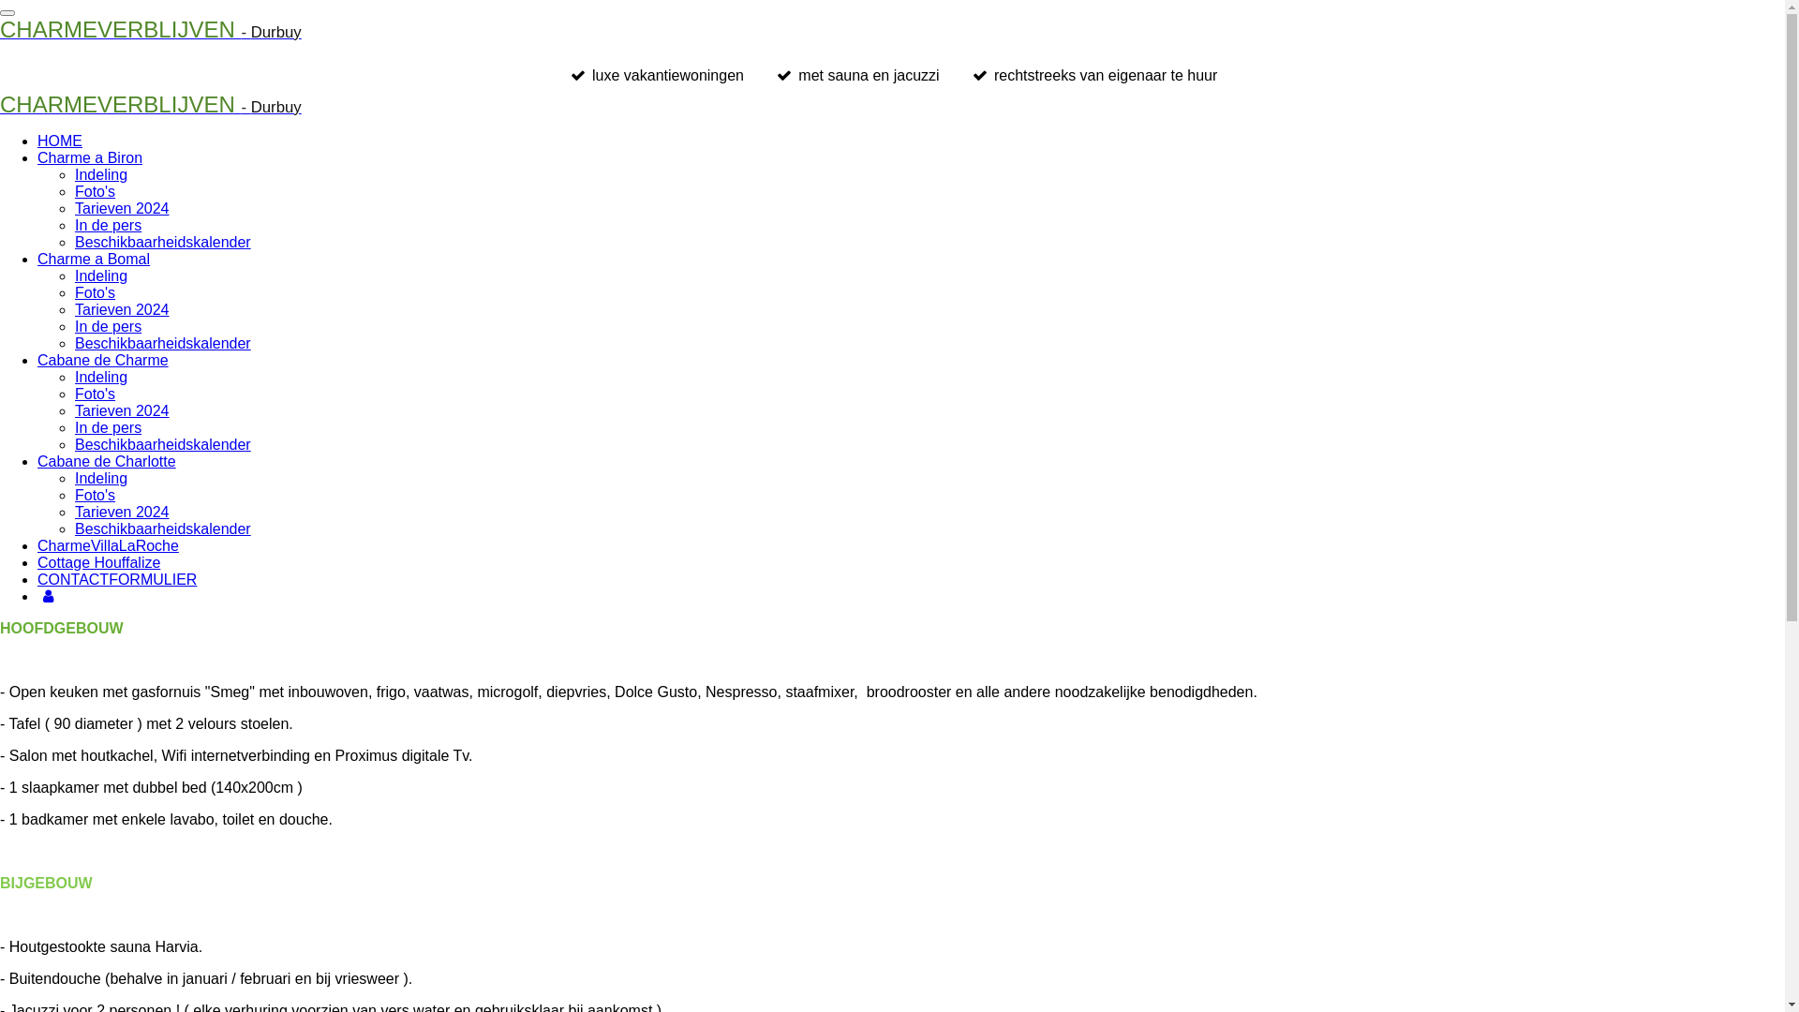 This screenshot has height=1012, width=1799. I want to click on 'Tarieven 2024', so click(121, 409).